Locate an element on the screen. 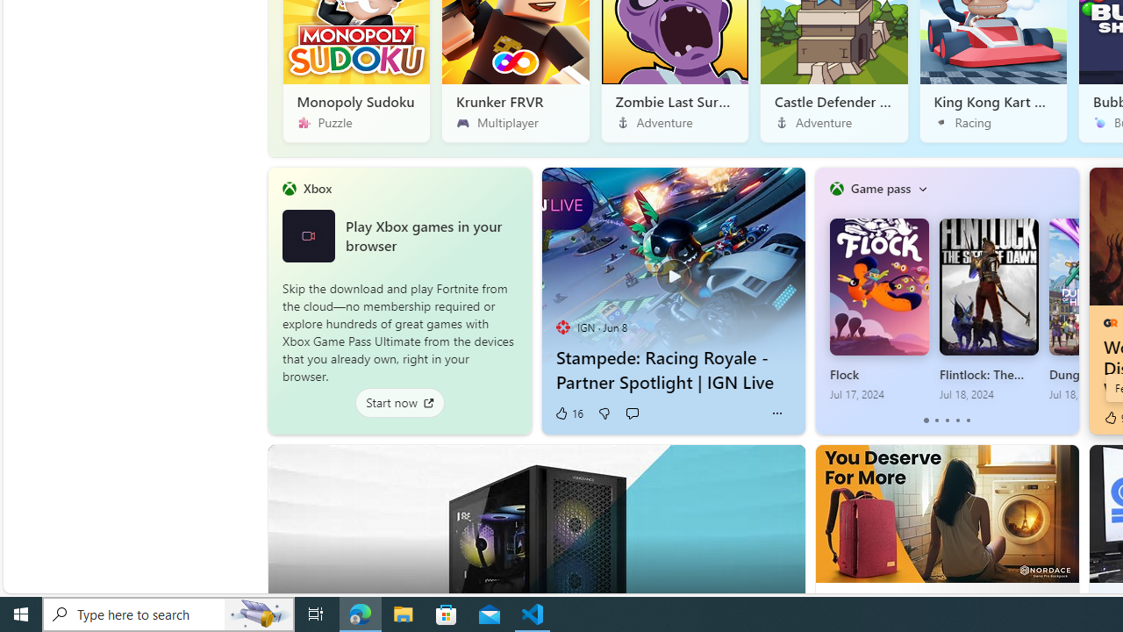 The height and width of the screenshot is (632, 1123). 'tab-2' is located at coordinates (946, 420).